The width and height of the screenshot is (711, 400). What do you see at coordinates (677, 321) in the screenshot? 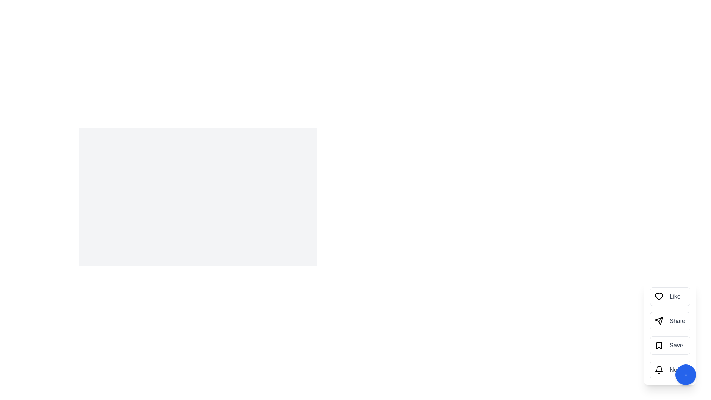
I see `the 'Share' button which displays the label 'Share' and is located in the second slot from the top in a vertical list of buttons on the right side of the interface, next to a paper plane icon` at bounding box center [677, 321].